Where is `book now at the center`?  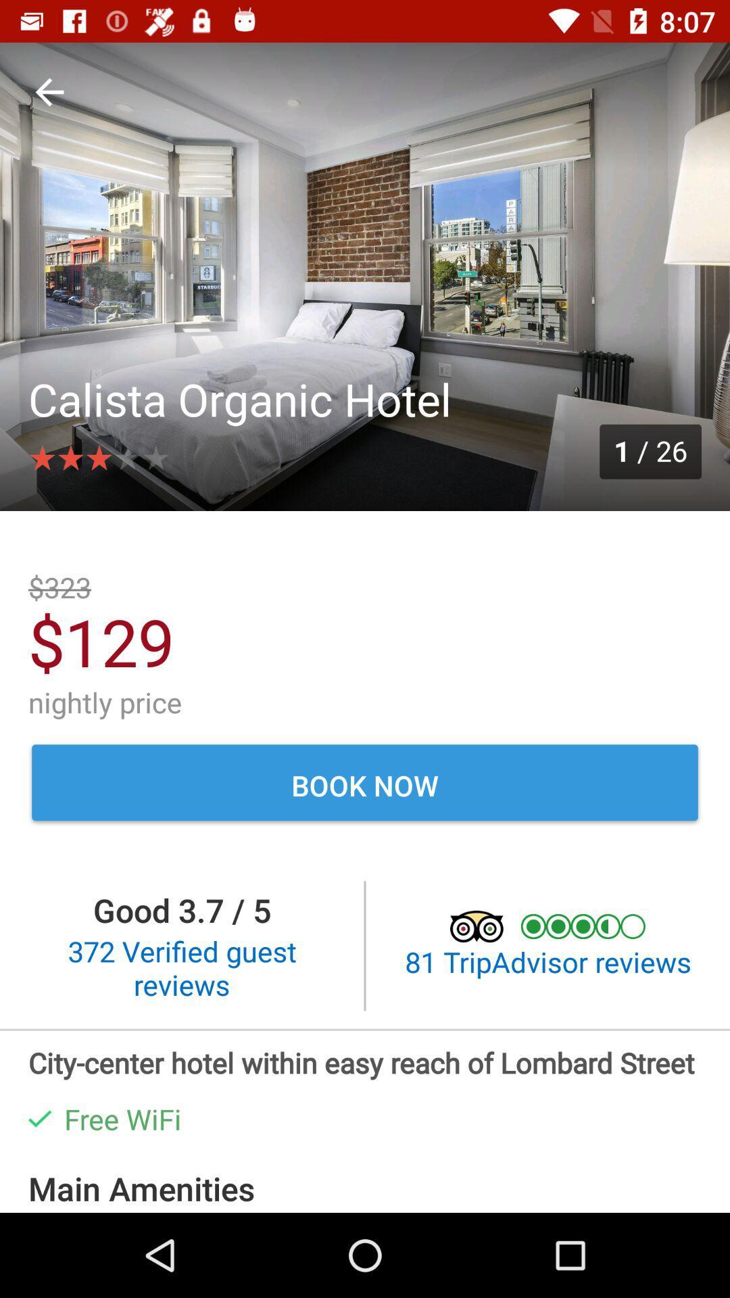 book now at the center is located at coordinates (365, 785).